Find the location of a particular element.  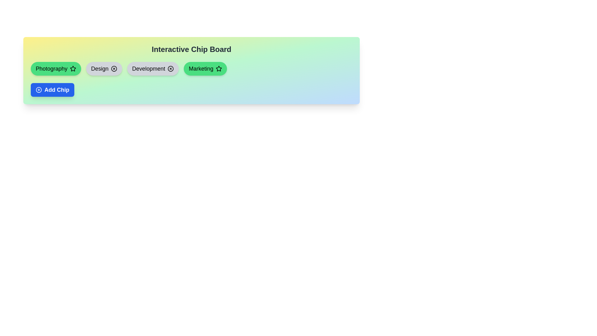

the star icon outlined in black, located within a green circular badge adjacent to the text 'Marketing' within the pill-shaped green button is located at coordinates (219, 68).